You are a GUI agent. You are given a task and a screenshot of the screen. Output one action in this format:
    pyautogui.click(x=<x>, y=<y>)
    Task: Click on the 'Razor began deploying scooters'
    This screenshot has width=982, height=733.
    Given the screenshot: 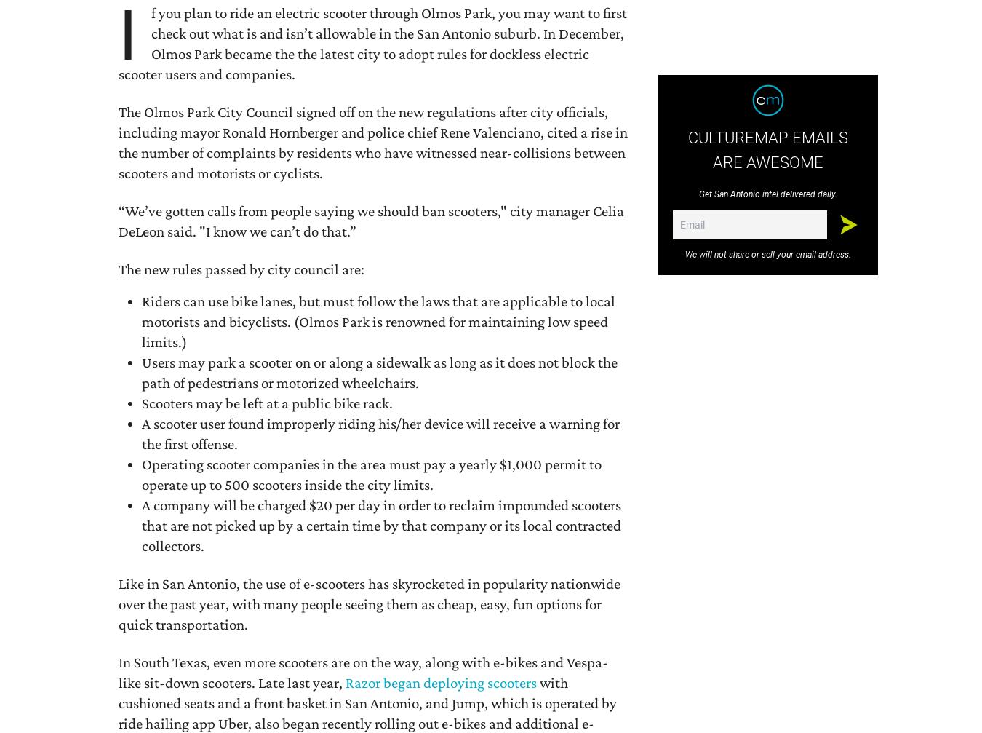 What is the action you would take?
    pyautogui.click(x=345, y=681)
    